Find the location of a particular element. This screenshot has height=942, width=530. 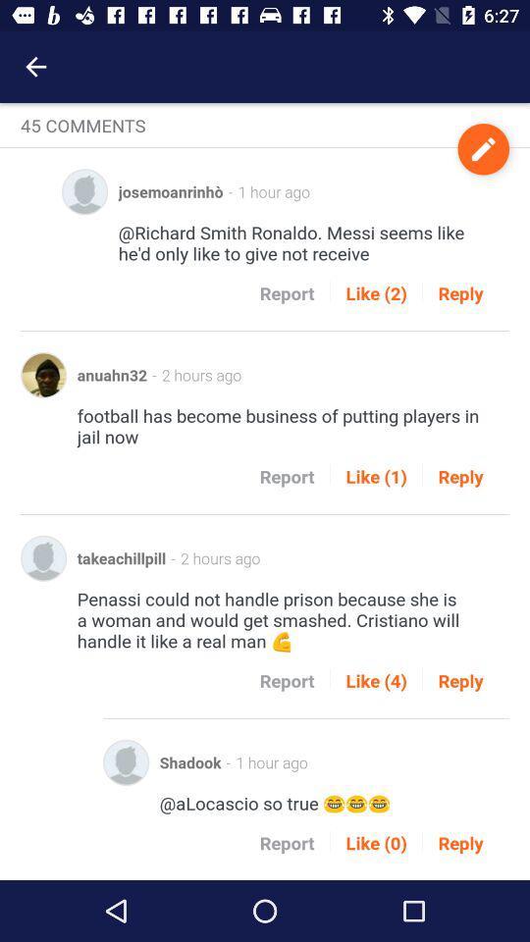

icon next to the reply icon is located at coordinates (376, 475).